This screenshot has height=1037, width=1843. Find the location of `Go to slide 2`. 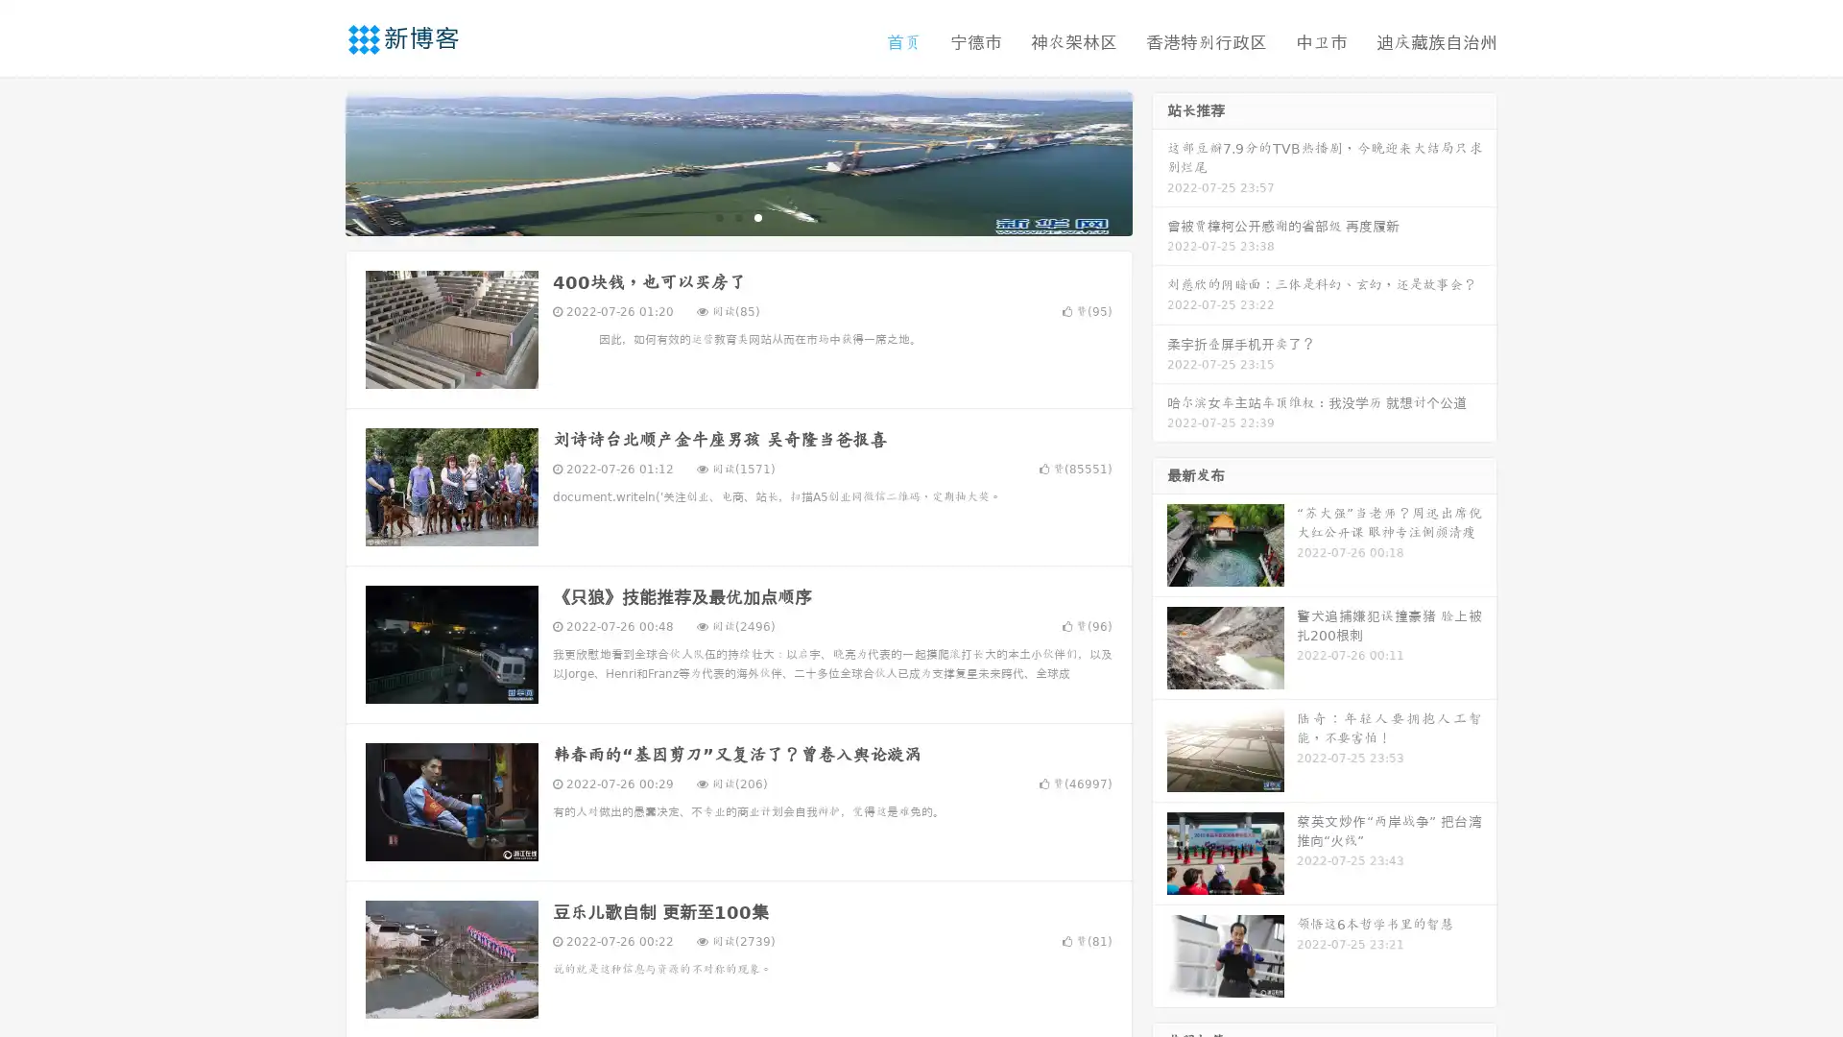

Go to slide 2 is located at coordinates (737, 216).